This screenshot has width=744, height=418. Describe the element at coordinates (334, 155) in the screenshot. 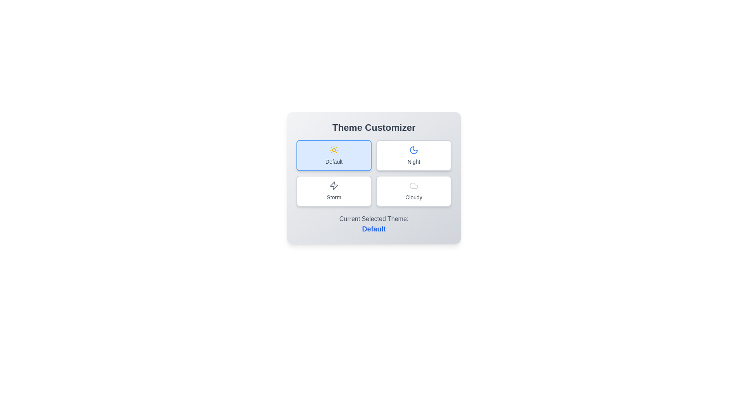

I see `the theme Default by clicking on its corresponding button` at that location.